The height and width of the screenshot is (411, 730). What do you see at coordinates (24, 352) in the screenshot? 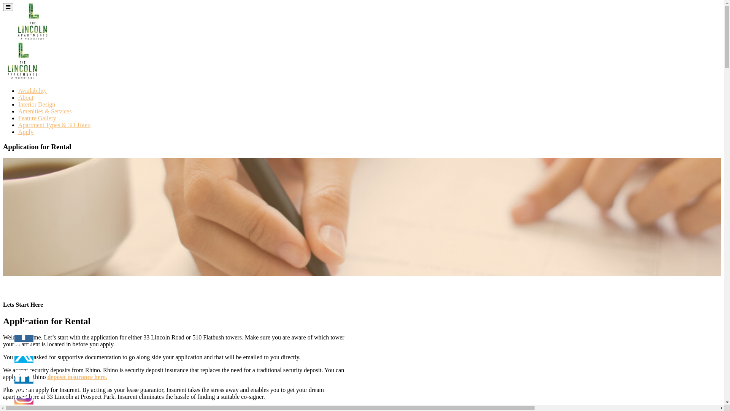
I see `'Twitter'` at bounding box center [24, 352].